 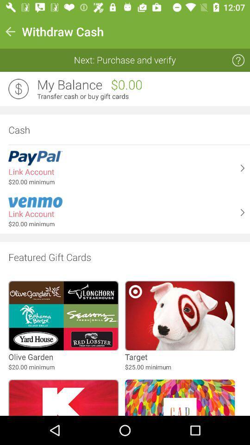 I want to click on the icon next to withdraw cash icon, so click(x=10, y=32).